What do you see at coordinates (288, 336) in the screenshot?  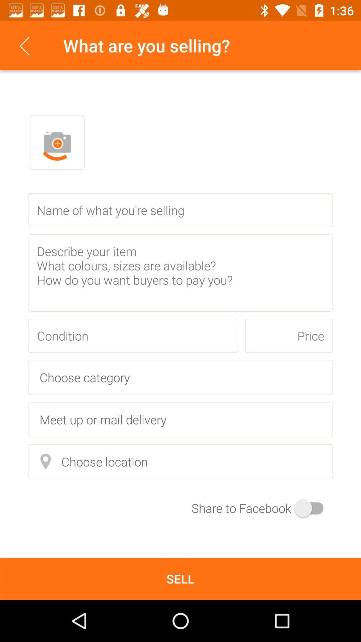 I see `price amount` at bounding box center [288, 336].